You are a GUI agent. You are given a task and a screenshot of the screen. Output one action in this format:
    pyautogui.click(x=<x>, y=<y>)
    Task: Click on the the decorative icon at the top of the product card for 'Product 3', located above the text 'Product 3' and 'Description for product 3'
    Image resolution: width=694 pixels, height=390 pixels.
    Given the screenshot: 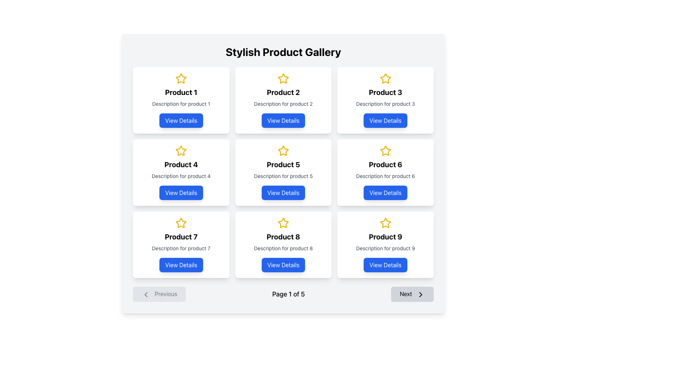 What is the action you would take?
    pyautogui.click(x=385, y=79)
    